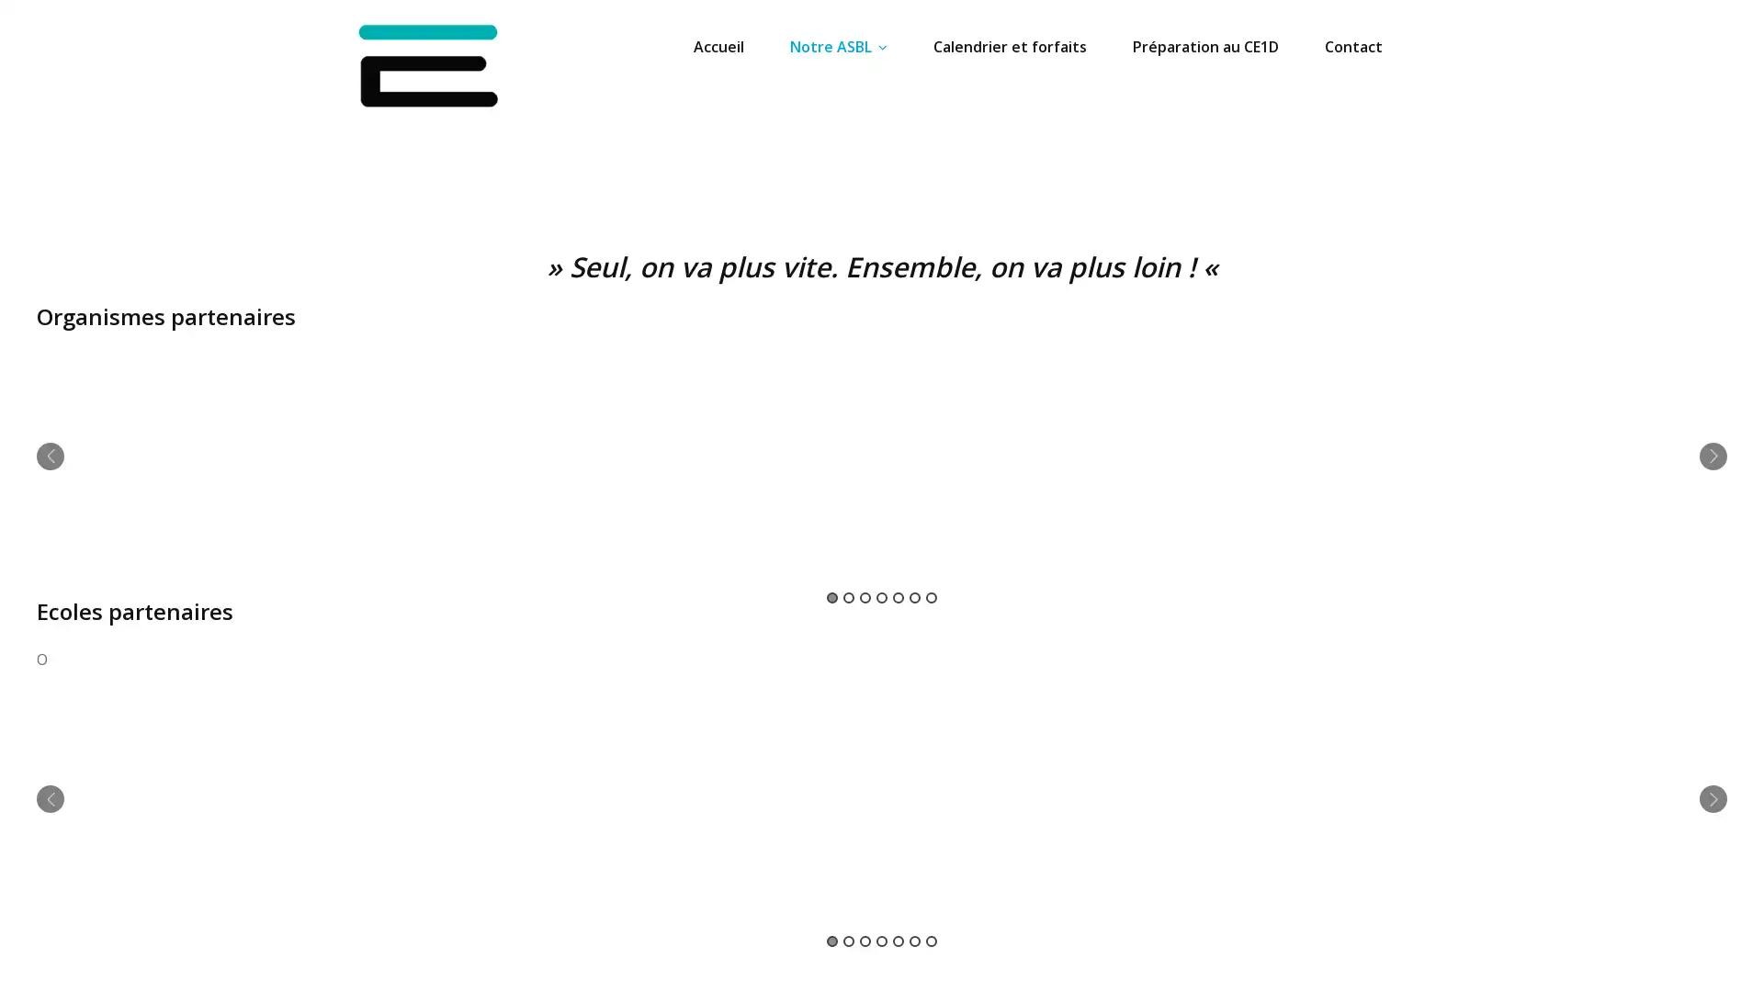 This screenshot has width=1764, height=992. What do you see at coordinates (882, 940) in the screenshot?
I see `4` at bounding box center [882, 940].